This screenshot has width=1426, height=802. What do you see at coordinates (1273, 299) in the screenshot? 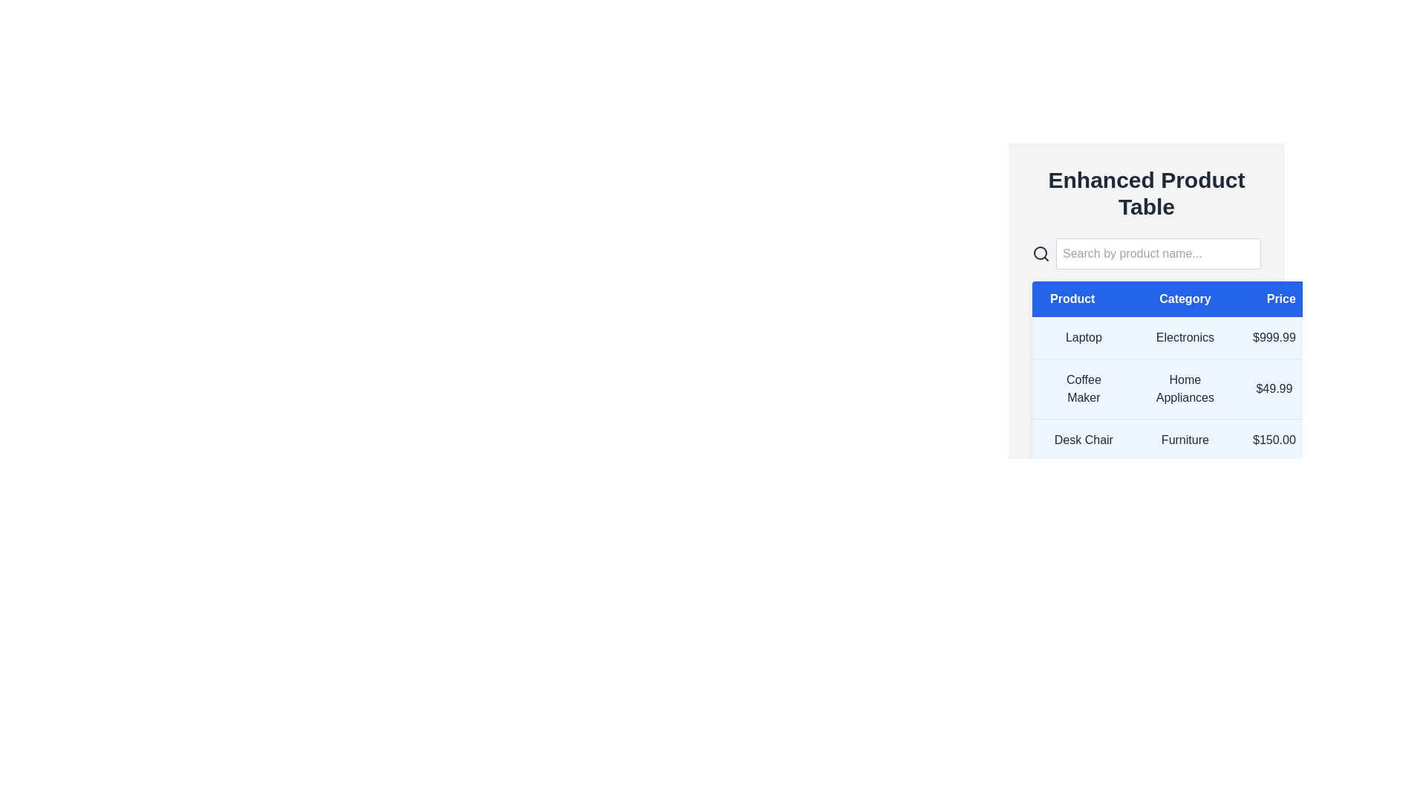
I see `text content of the 'Price' label, which is the third column header in a three-column table, rendered in white text against a blue background` at bounding box center [1273, 299].